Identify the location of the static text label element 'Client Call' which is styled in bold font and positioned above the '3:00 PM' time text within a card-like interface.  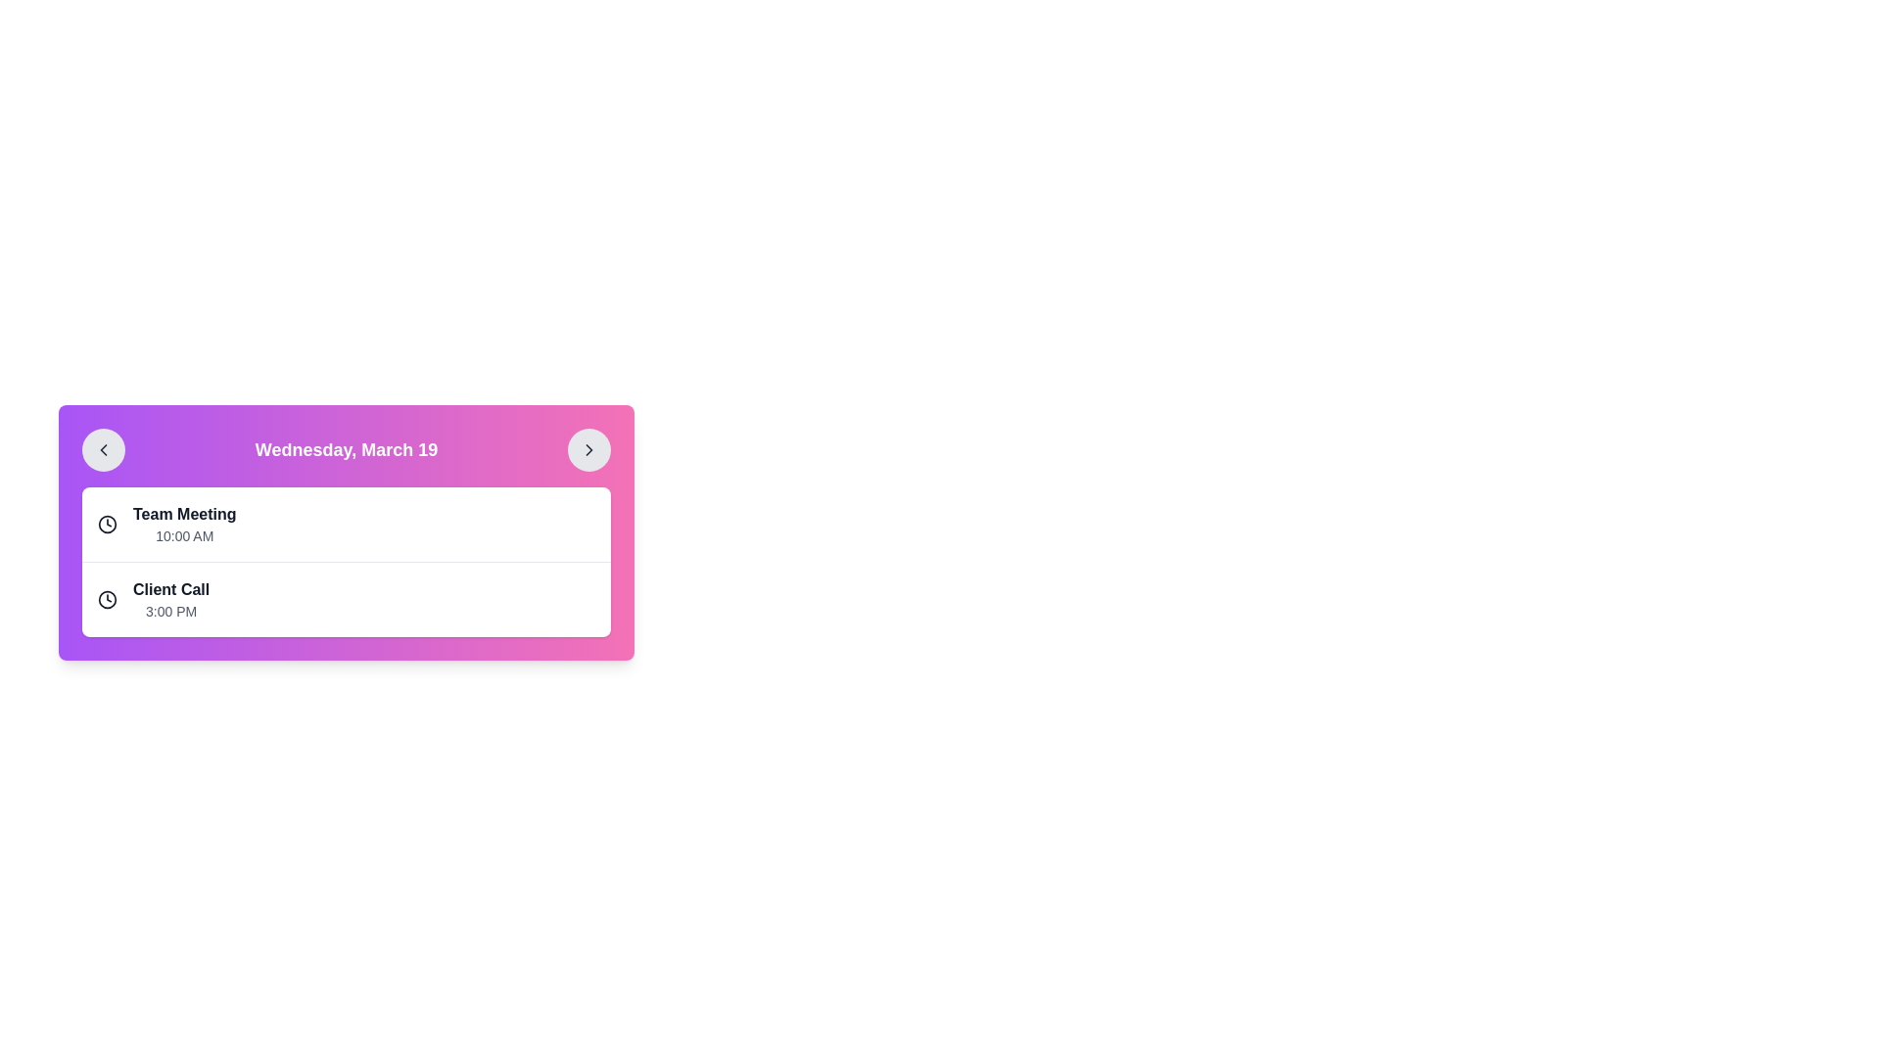
(171, 588).